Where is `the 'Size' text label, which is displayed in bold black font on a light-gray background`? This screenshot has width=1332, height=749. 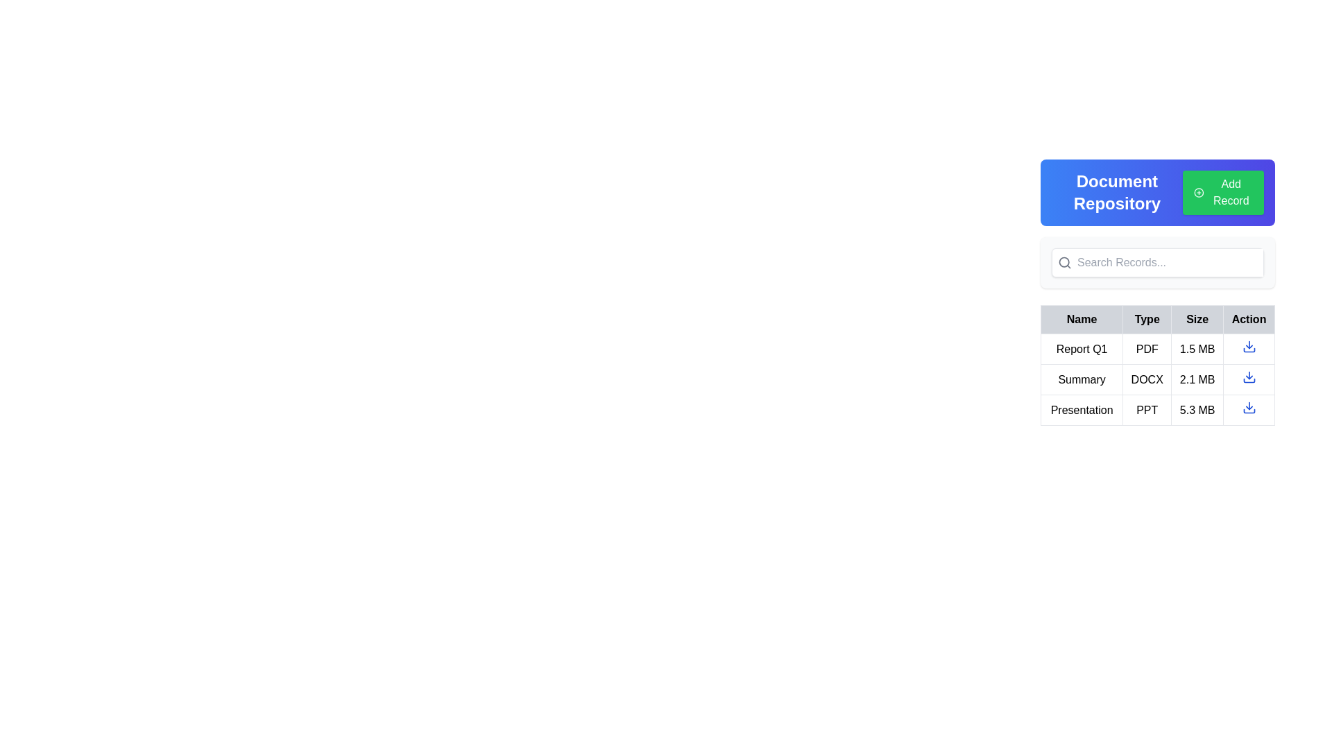
the 'Size' text label, which is displayed in bold black font on a light-gray background is located at coordinates (1197, 320).